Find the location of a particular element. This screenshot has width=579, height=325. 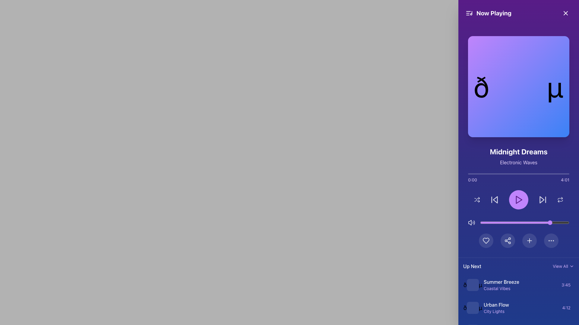

the centrally located play button in the music playback control section to initiate or resume playback of the currently selected audio track is located at coordinates (518, 200).